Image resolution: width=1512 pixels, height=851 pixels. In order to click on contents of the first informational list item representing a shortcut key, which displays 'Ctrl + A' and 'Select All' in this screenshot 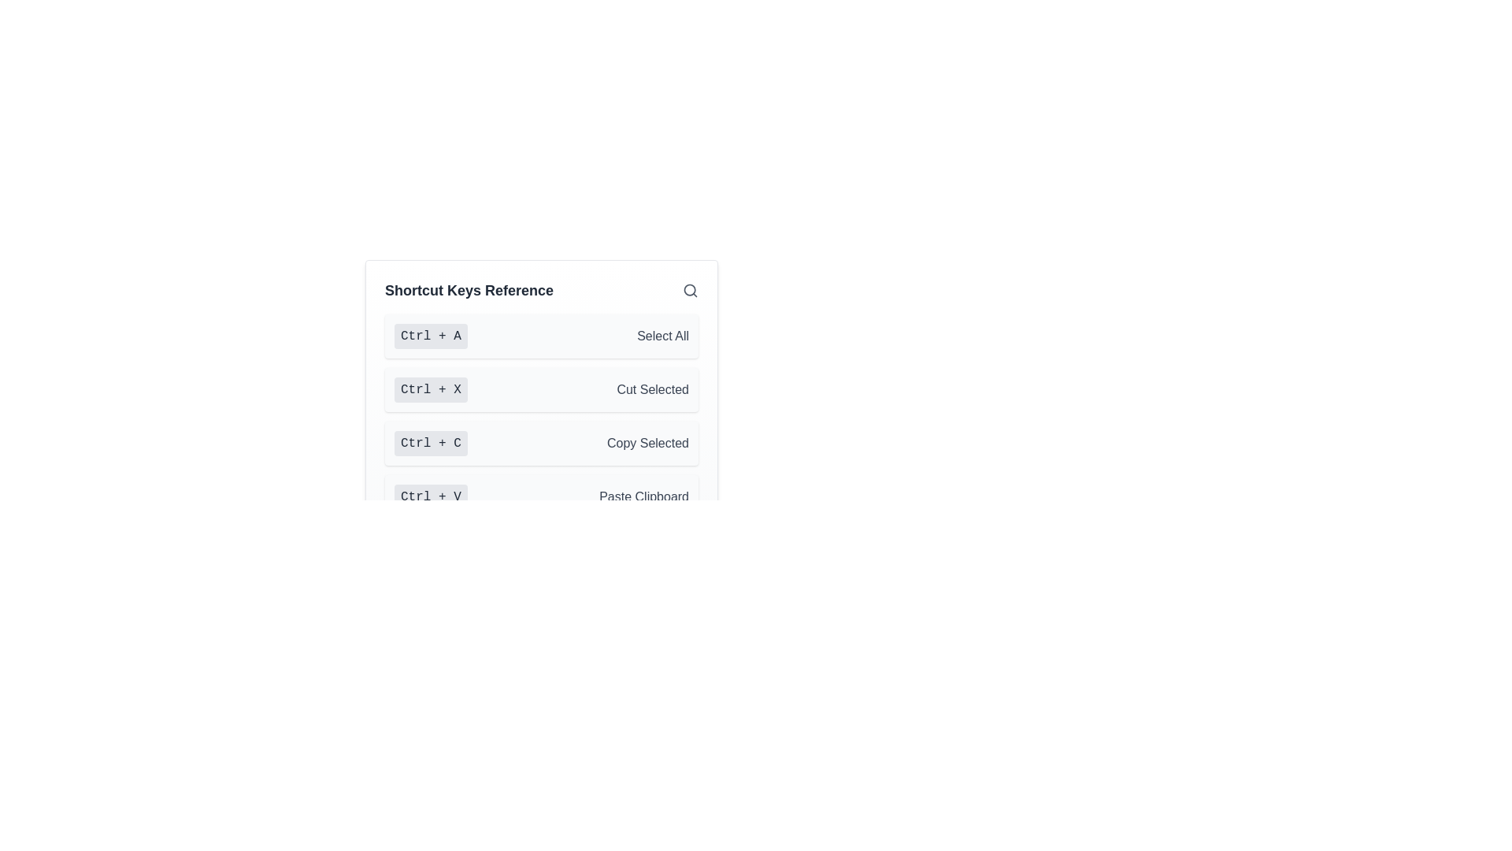, I will do `click(541, 336)`.